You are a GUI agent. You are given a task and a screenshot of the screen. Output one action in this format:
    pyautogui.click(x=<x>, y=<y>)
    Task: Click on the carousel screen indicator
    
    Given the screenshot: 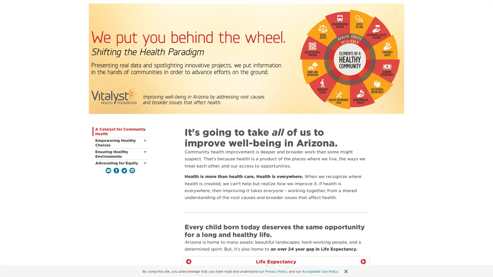 What is the action you would take?
    pyautogui.click(x=279, y=266)
    